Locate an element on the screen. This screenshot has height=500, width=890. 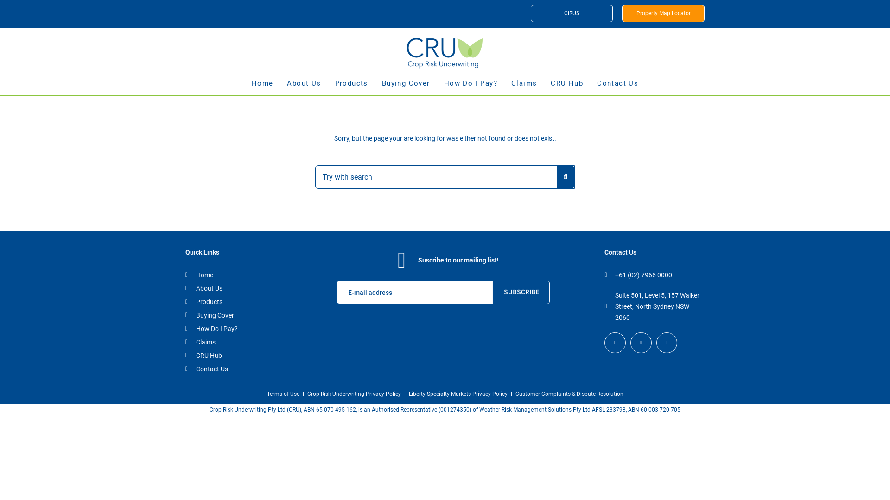
'About Us' is located at coordinates (185, 288).